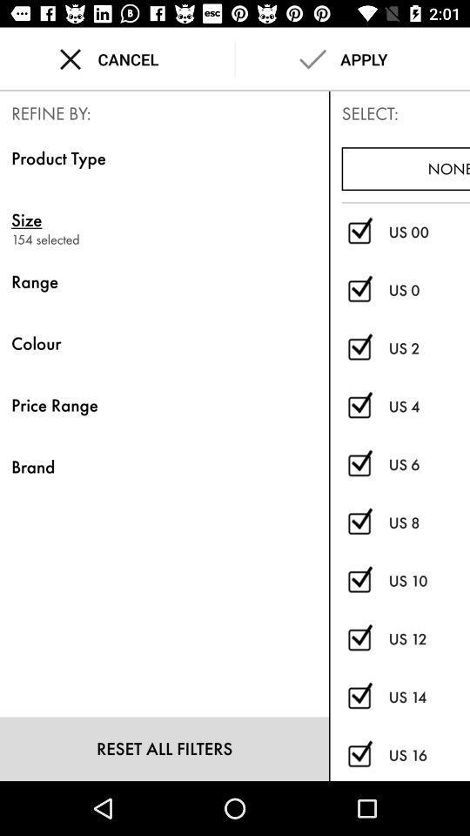  What do you see at coordinates (428, 638) in the screenshot?
I see `item below the us 10 icon` at bounding box center [428, 638].